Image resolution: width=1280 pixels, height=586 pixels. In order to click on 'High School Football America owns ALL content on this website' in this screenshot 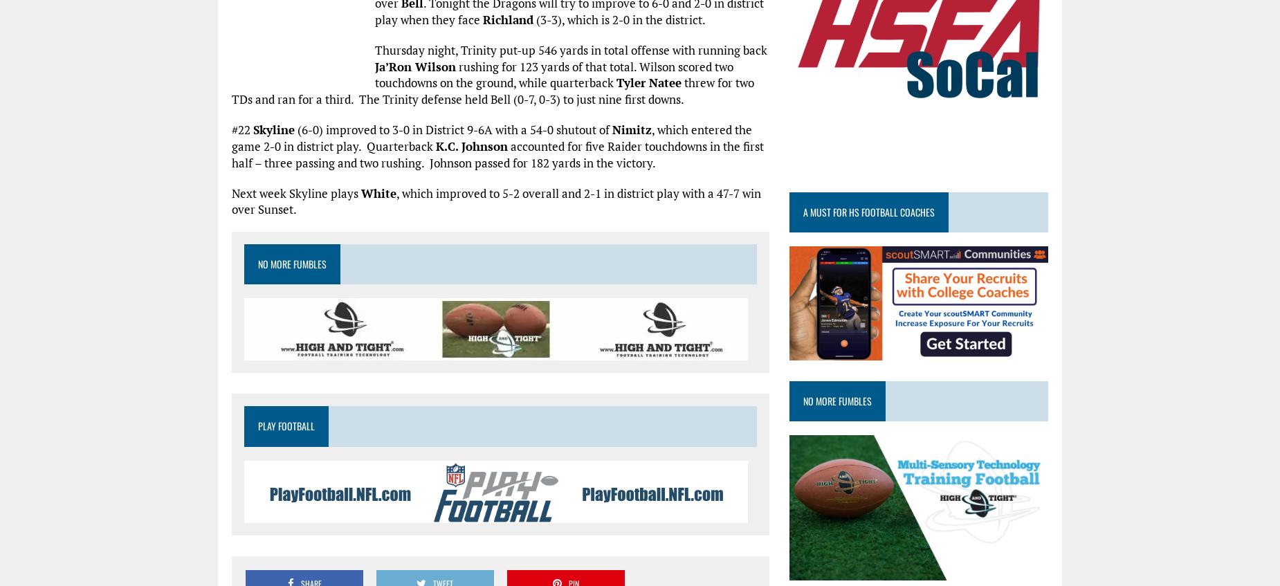, I will do `click(616, 117)`.